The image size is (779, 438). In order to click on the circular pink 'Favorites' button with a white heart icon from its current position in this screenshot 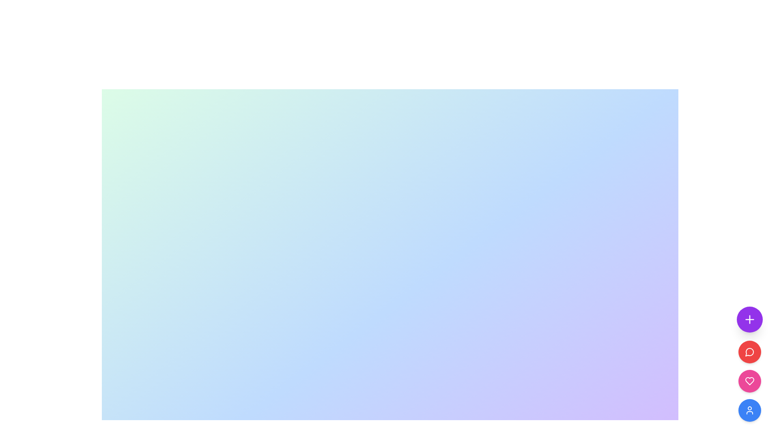, I will do `click(749, 381)`.